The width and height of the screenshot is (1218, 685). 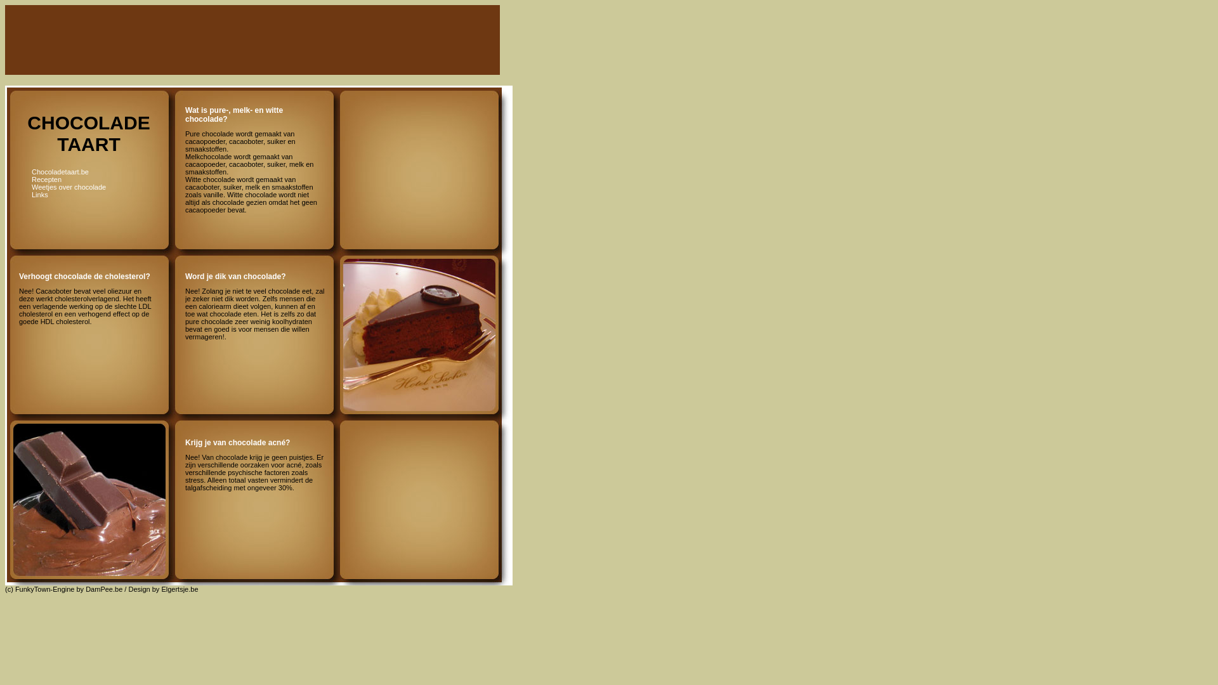 What do you see at coordinates (39, 195) in the screenshot?
I see `'Links'` at bounding box center [39, 195].